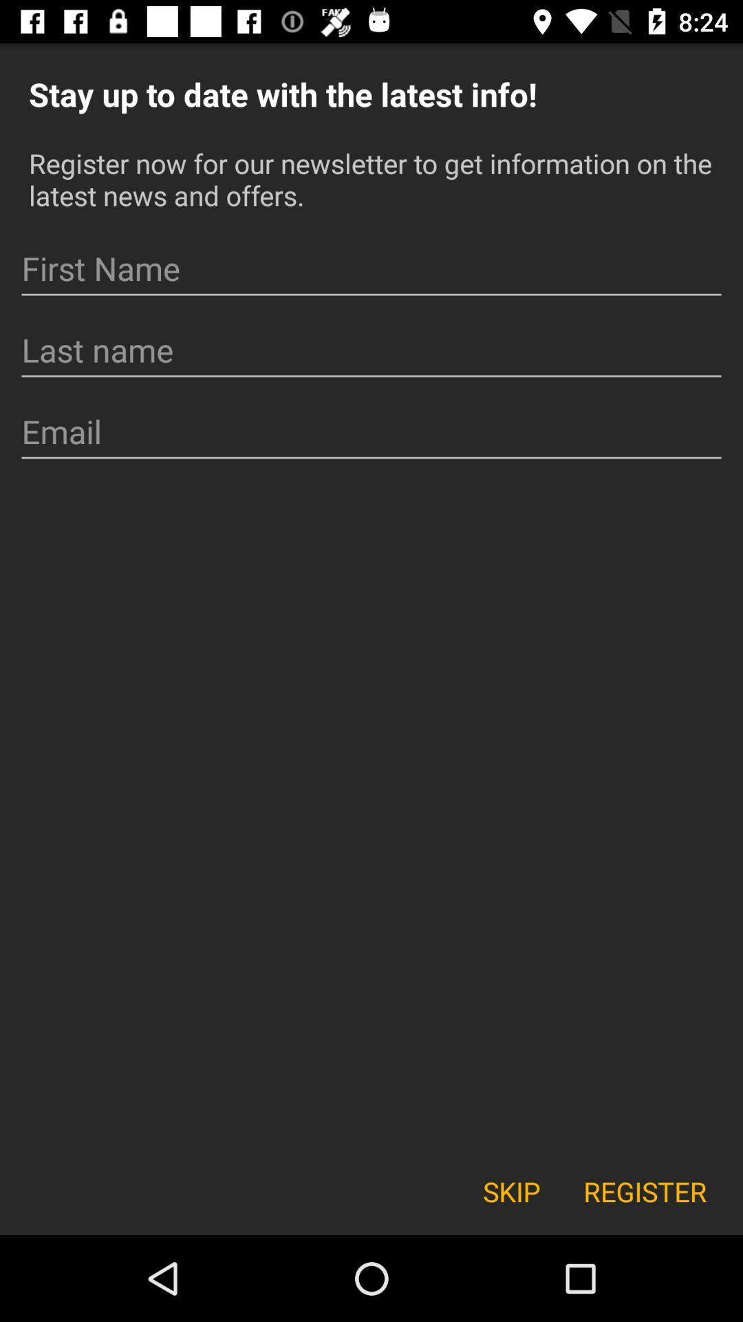 This screenshot has width=743, height=1322. What do you see at coordinates (511, 1191) in the screenshot?
I see `icon to the left of register item` at bounding box center [511, 1191].